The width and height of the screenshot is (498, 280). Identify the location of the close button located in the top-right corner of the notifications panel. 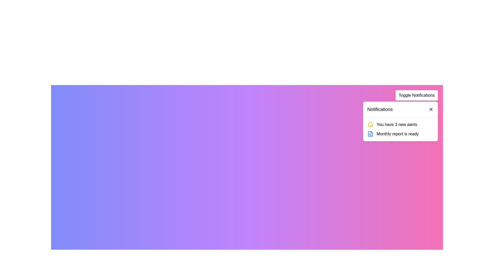
(431, 109).